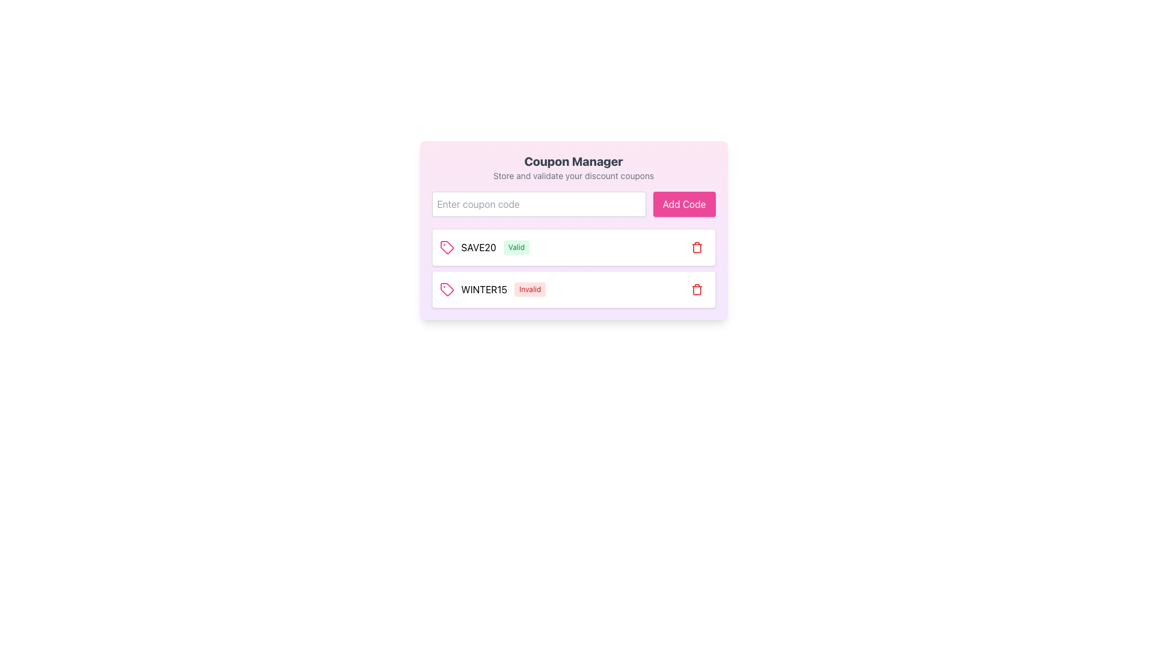 The image size is (1154, 649). Describe the element at coordinates (484, 290) in the screenshot. I see `the second text label displaying the coupon code 'WINTER15' in the coupon manager interface, which is positioned before the 'Invalid' label` at that location.